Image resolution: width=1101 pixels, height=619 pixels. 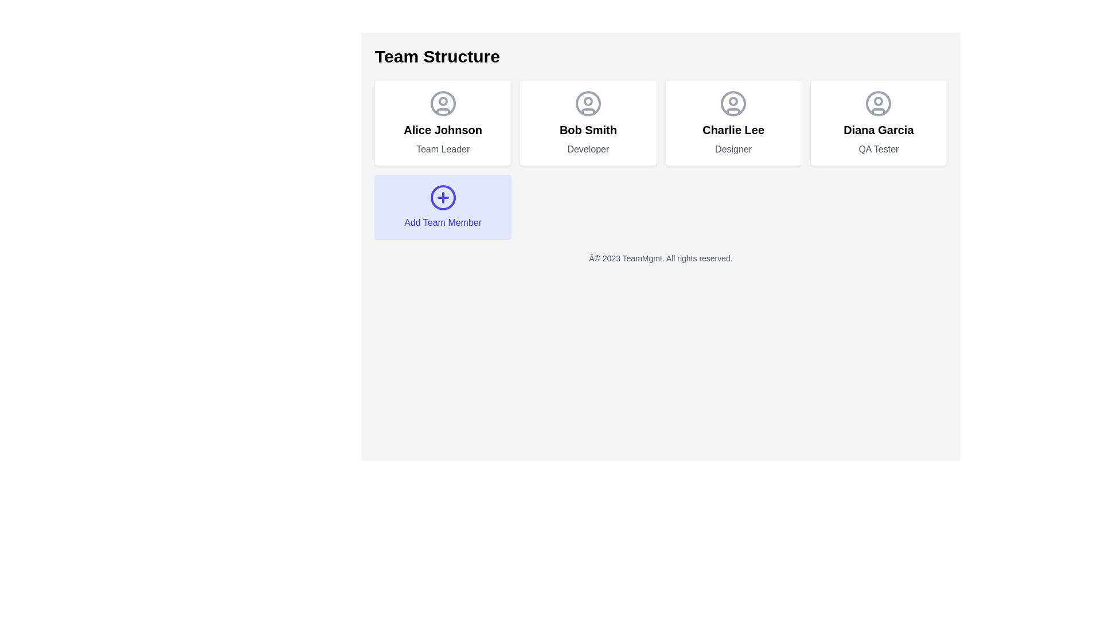 What do you see at coordinates (732, 130) in the screenshot?
I see `the text label reading 'Charlie Lee', which is styled with a larger, bold font and is located within the user information card in the grid layout` at bounding box center [732, 130].